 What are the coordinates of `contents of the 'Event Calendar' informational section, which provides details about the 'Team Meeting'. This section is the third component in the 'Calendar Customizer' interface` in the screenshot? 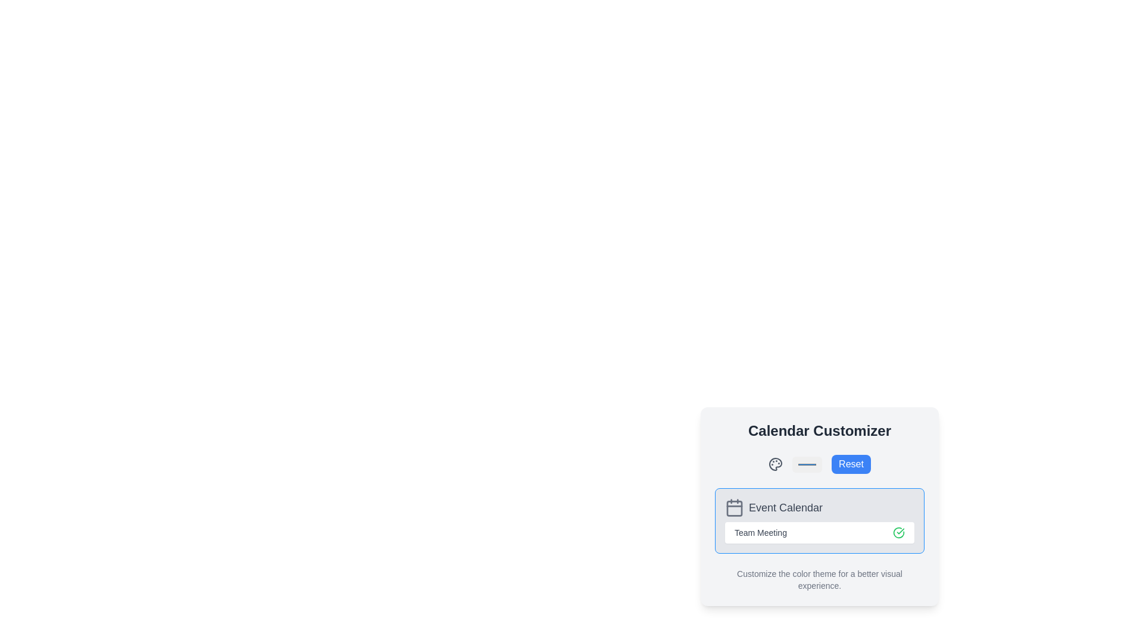 It's located at (819, 520).